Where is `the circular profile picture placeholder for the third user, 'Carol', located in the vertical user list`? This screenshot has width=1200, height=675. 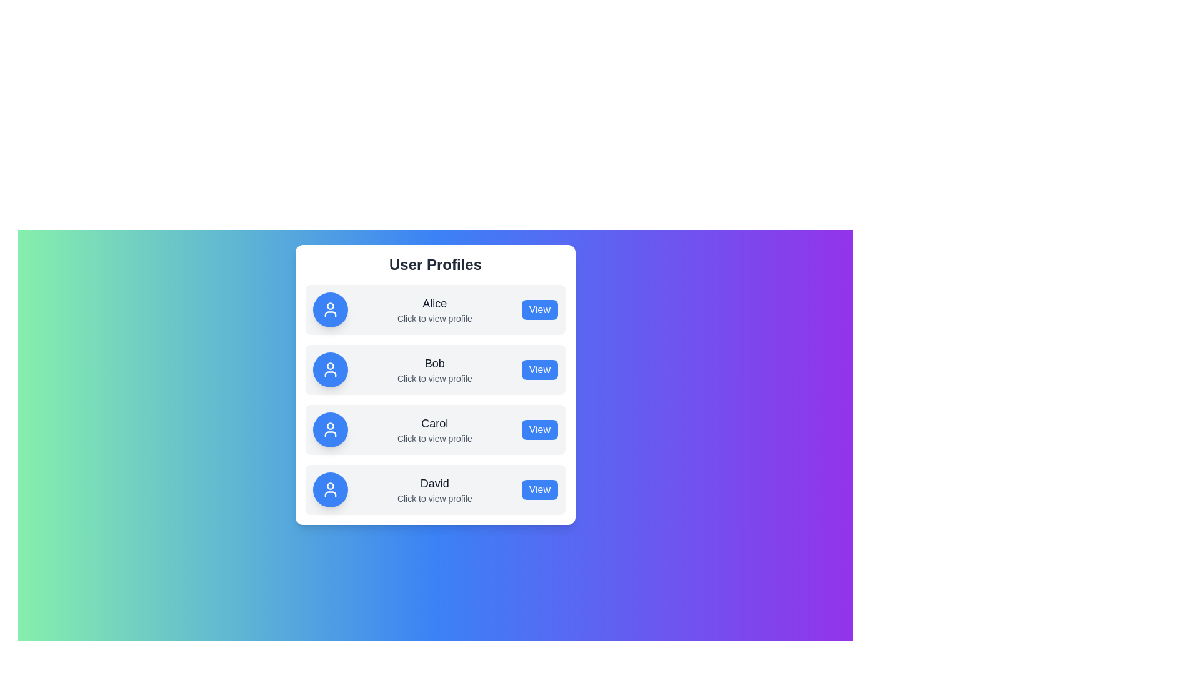
the circular profile picture placeholder for the third user, 'Carol', located in the vertical user list is located at coordinates (330, 426).